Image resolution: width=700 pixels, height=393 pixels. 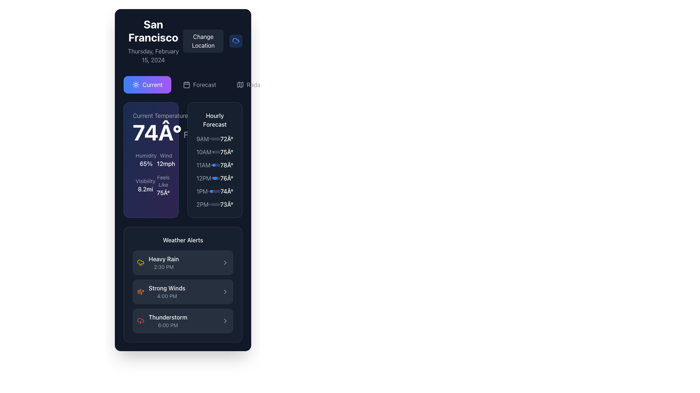 I want to click on the weather metrics grid element located in the first column, second row, so click(x=151, y=174).